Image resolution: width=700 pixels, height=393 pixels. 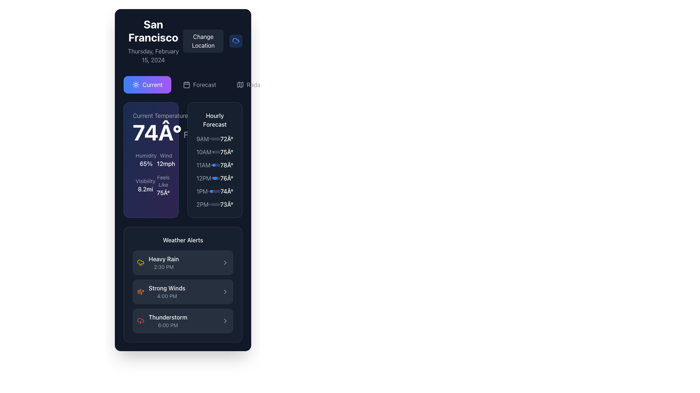 I want to click on the weather metrics grid element located in the first column, second row, so click(x=151, y=174).